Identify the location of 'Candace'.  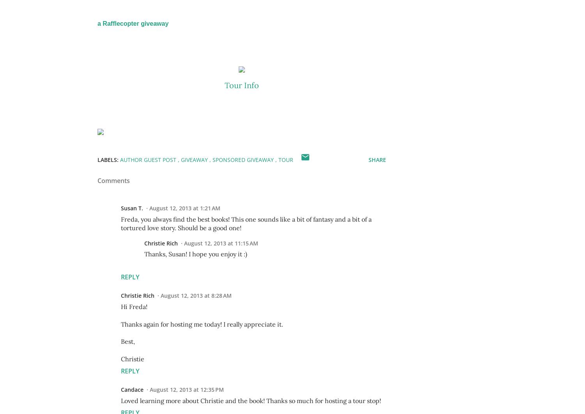
(132, 389).